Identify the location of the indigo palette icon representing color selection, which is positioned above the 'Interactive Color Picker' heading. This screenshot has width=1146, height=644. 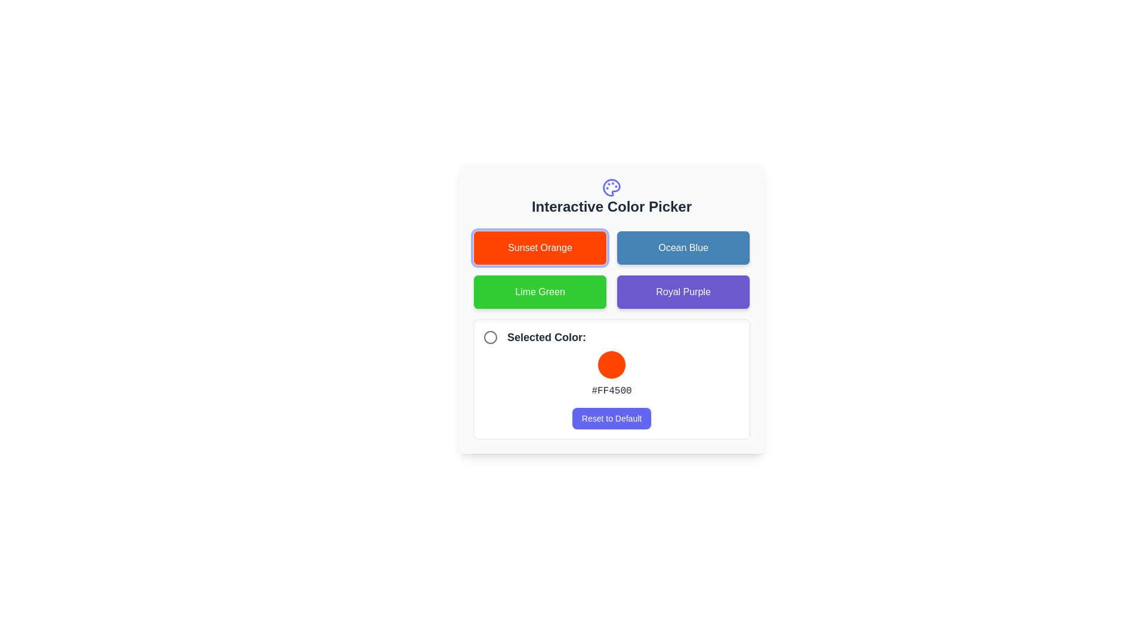
(612, 188).